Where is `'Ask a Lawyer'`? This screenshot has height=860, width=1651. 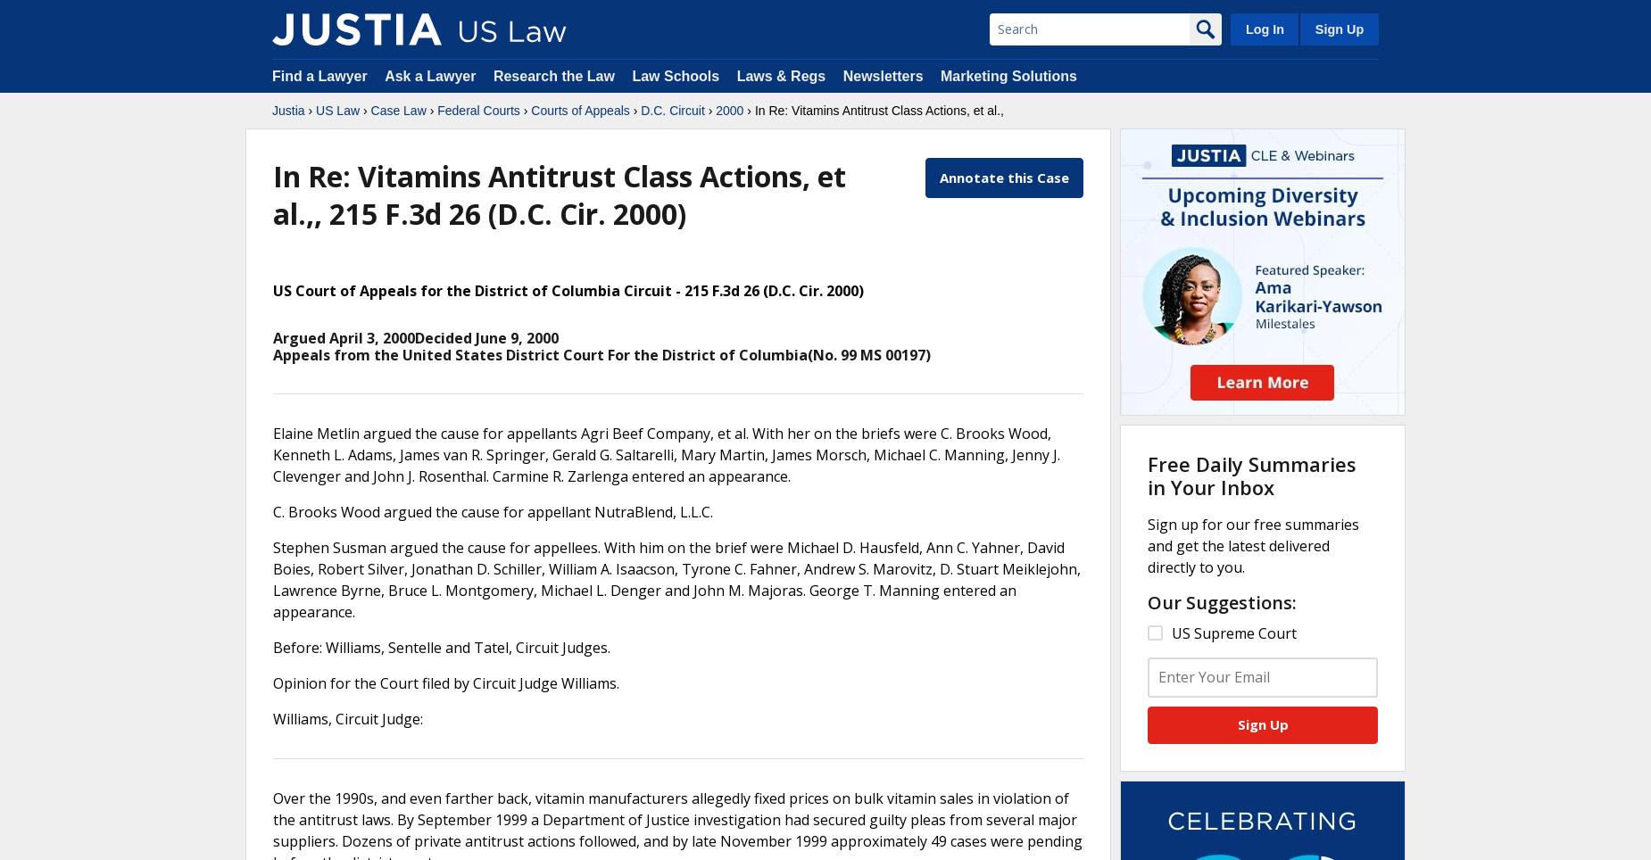 'Ask a Lawyer' is located at coordinates (431, 75).